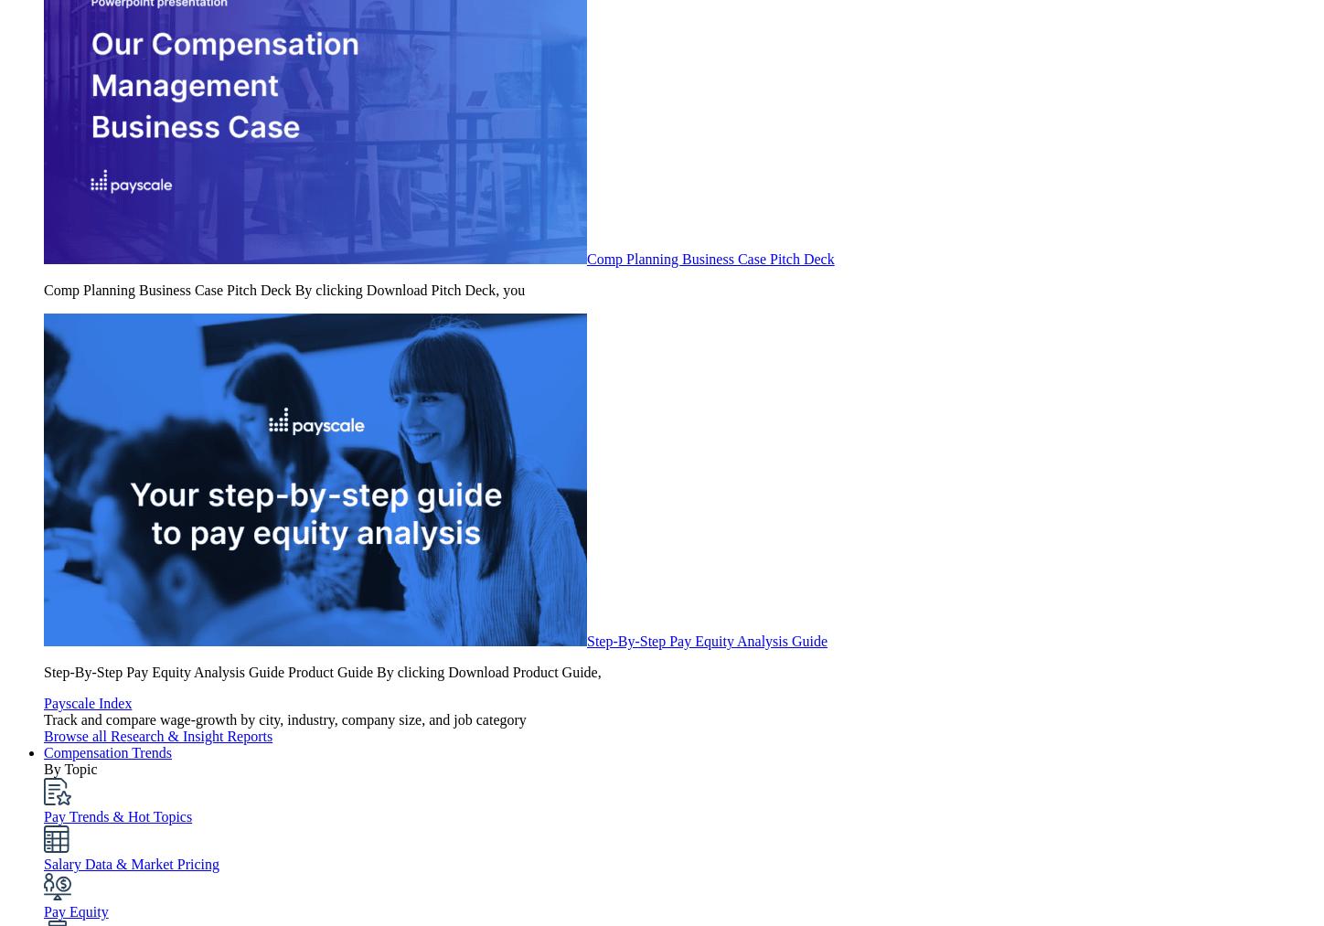  What do you see at coordinates (43, 864) in the screenshot?
I see `'Salary Data & Market Pricing'` at bounding box center [43, 864].